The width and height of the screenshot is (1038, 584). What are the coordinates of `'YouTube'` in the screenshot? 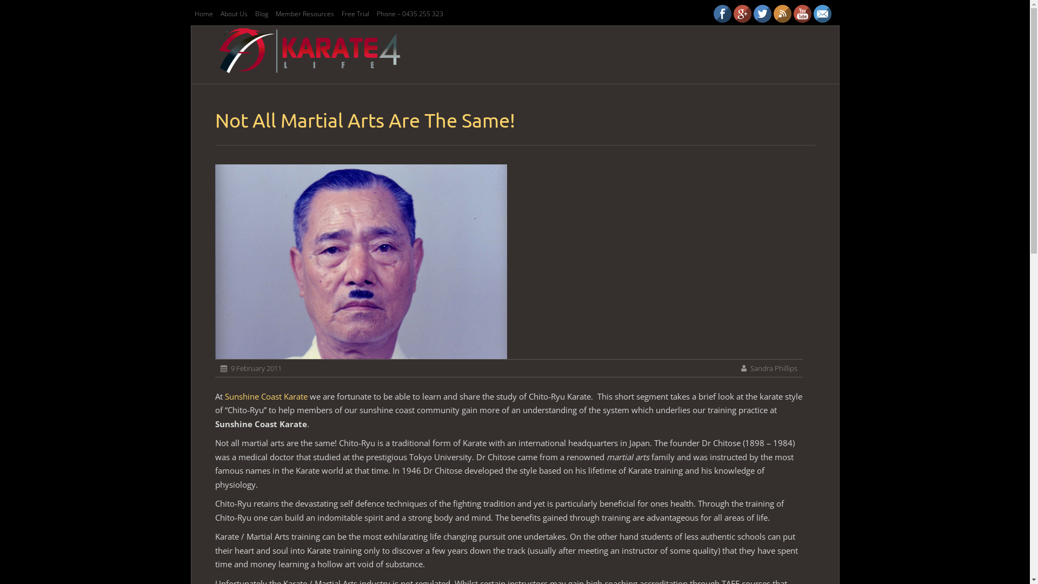 It's located at (802, 14).